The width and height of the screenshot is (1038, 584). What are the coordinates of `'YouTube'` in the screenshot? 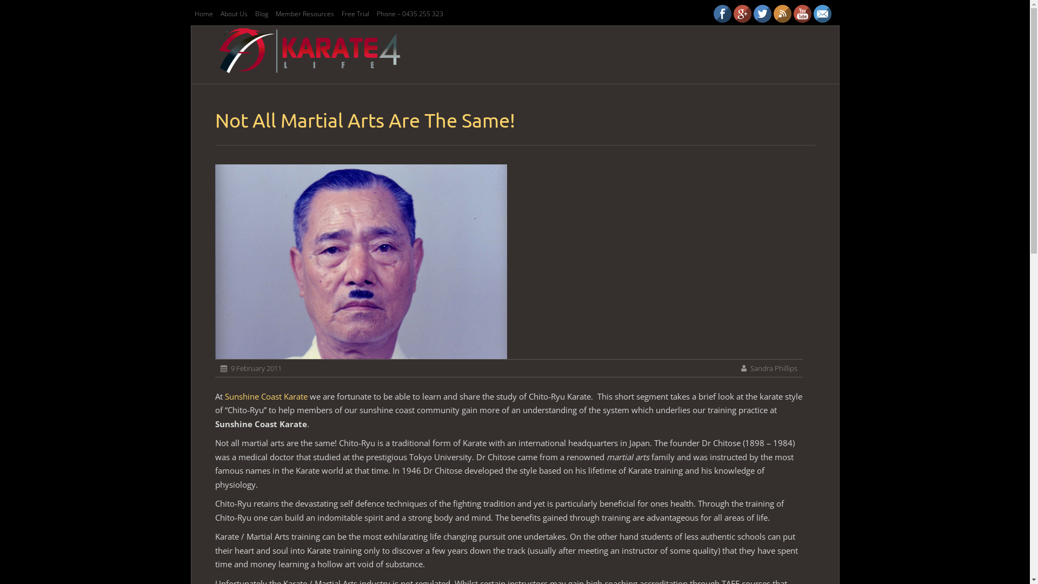 It's located at (802, 14).